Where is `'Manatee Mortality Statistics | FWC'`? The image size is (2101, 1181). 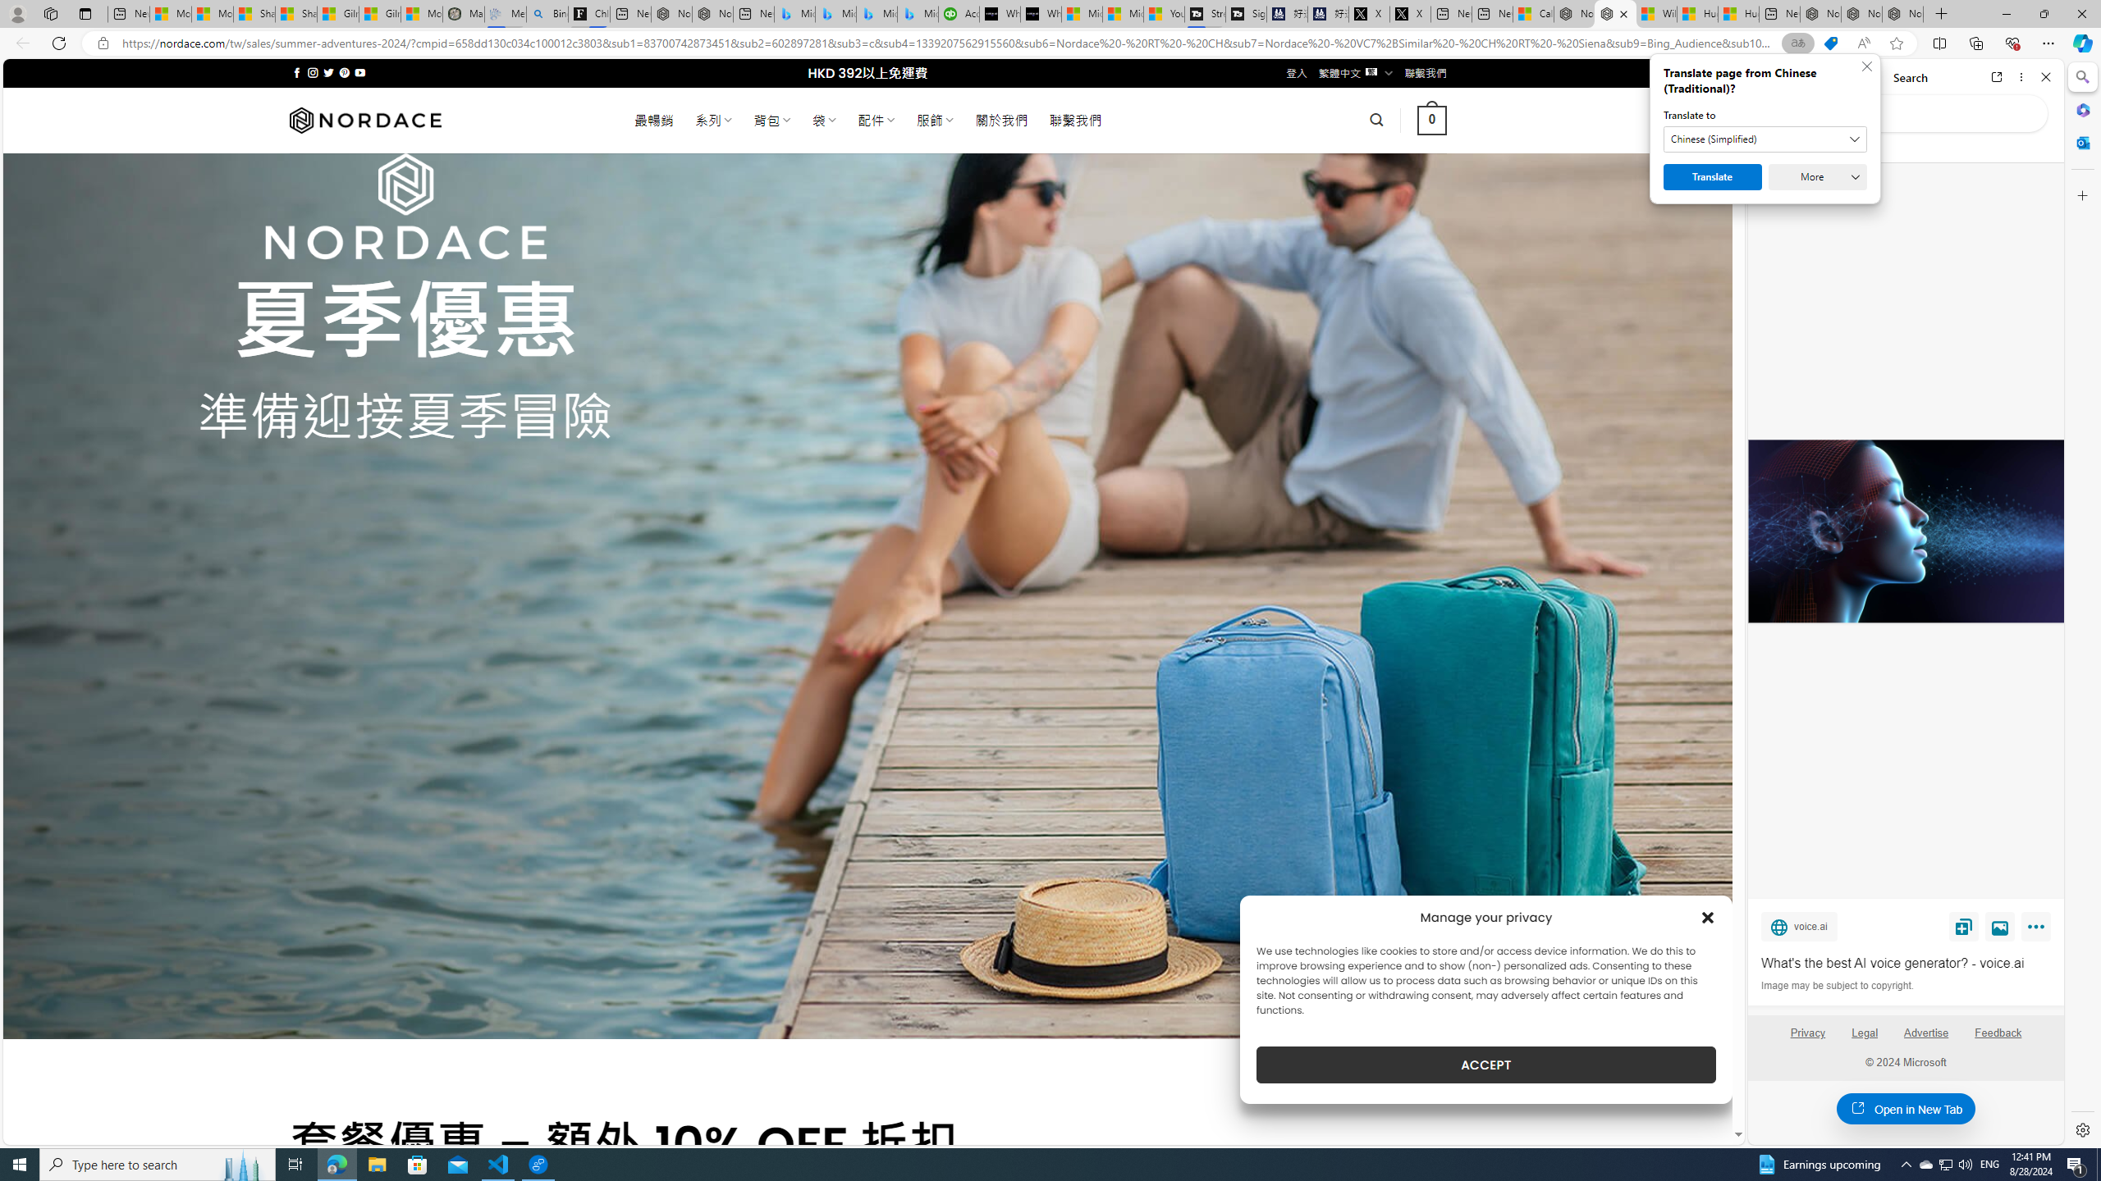
'Manatee Mortality Statistics | FWC' is located at coordinates (462, 13).